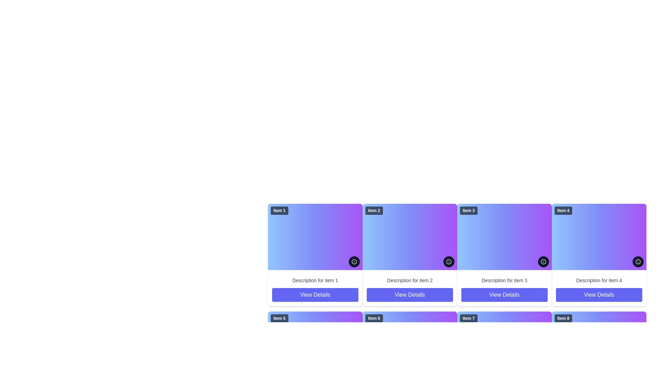  Describe the element at coordinates (315, 288) in the screenshot. I see `the 'View Details' button located in the bottom portion of the card labeled 'Item 1' in the grid layout` at that location.